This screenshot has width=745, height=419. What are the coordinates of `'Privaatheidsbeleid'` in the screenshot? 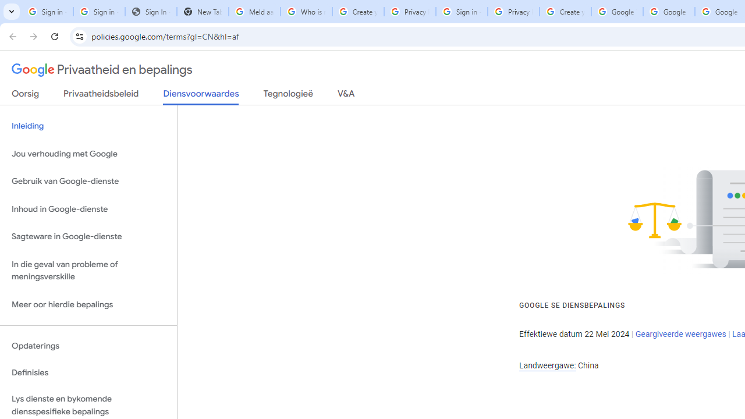 It's located at (101, 95).